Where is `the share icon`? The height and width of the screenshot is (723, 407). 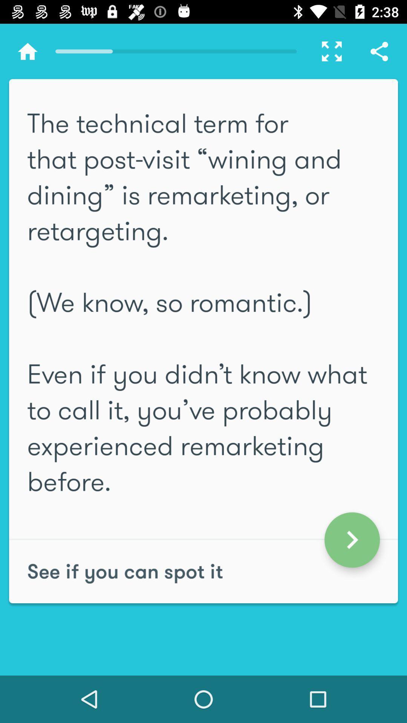 the share icon is located at coordinates (379, 51).